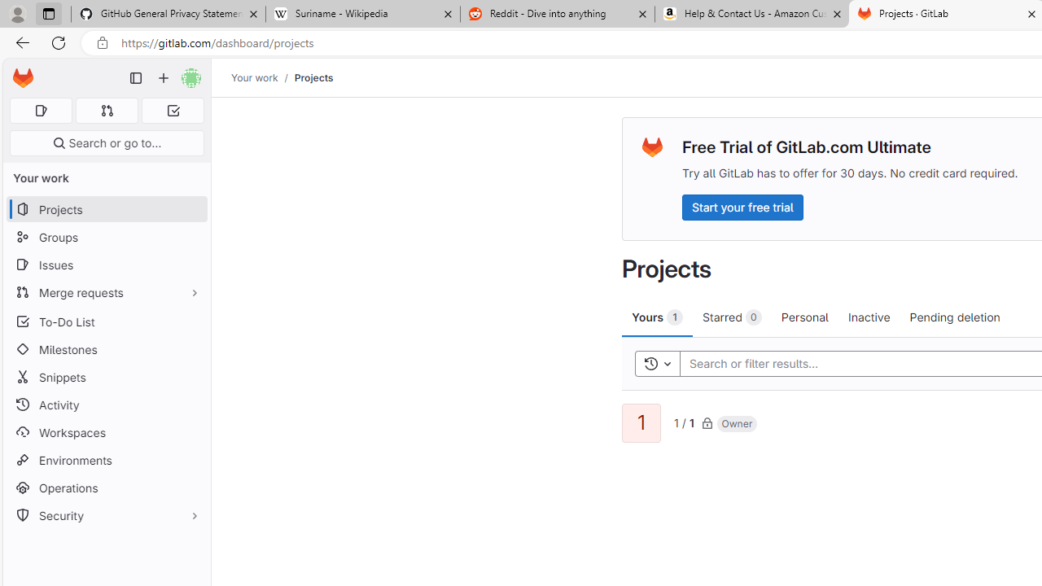 The image size is (1042, 586). Describe the element at coordinates (41, 110) in the screenshot. I see `'Assigned issues 0'` at that location.